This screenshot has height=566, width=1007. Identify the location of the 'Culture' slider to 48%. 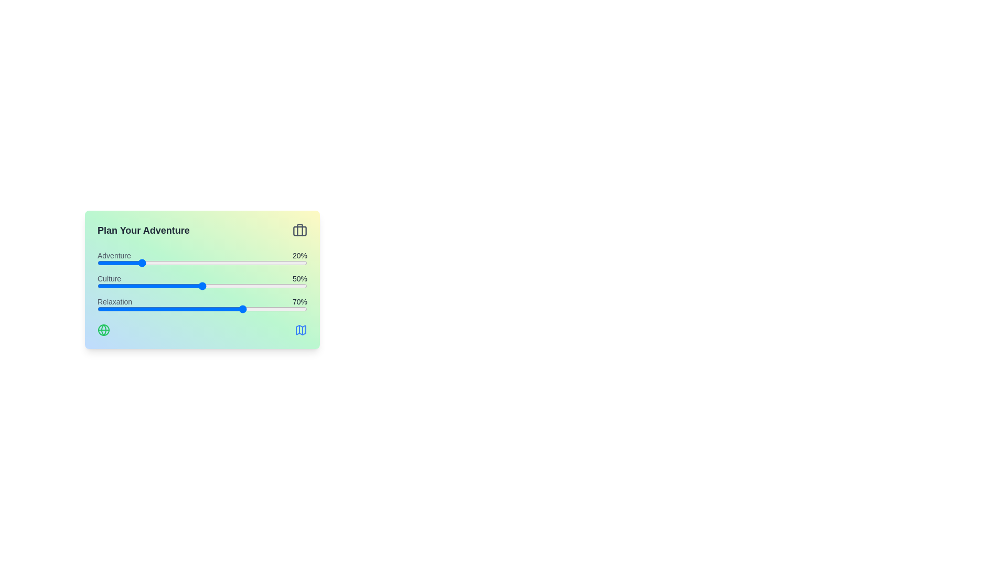
(198, 286).